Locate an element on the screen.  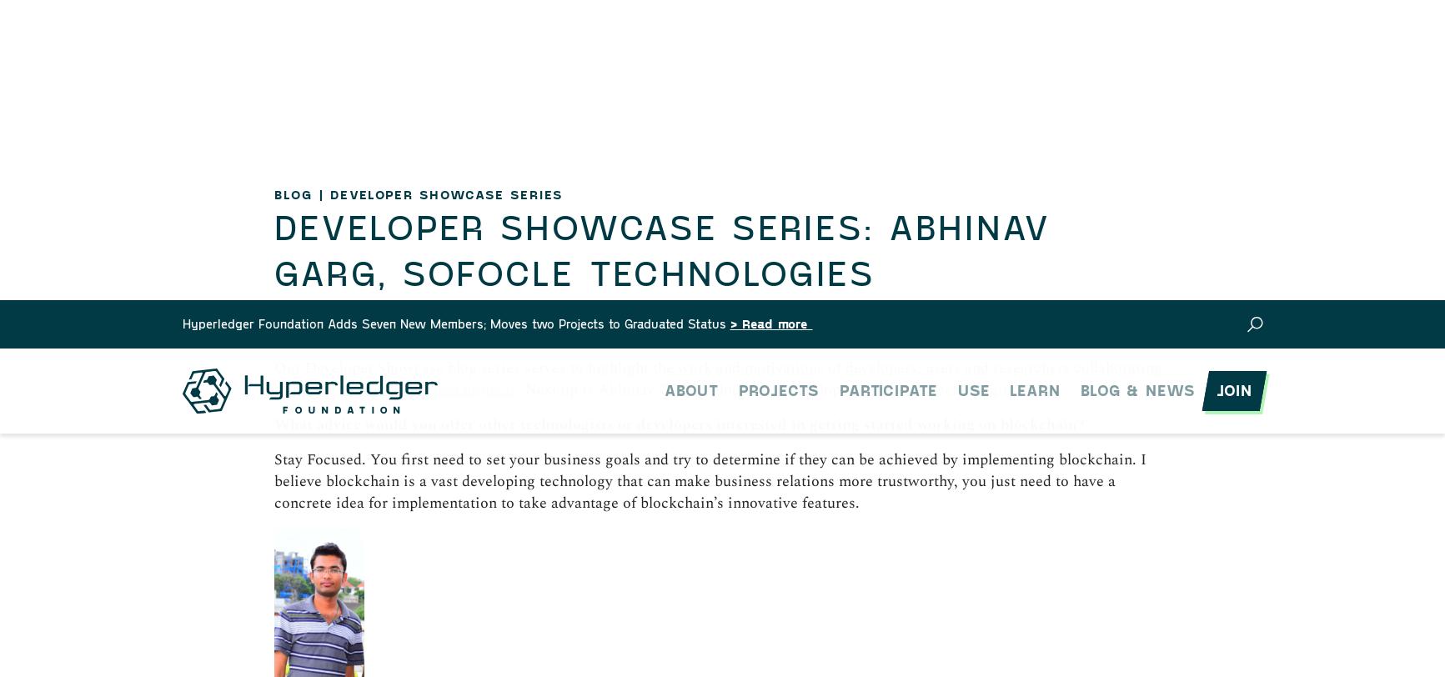
'We at Sofocle, are a blockchain technology based company, focused on building innovative products using blockchain and smart contracts. We design and develop blockchain powered enterprise solutions in banking, finance, and other industries. We have our own products based on blockchain. My first blockchain experience was with Hyperledger when it was in its initial development stage. The thought of permissioned blockchain in respect to transaction trust was a bit of fun. It’s easy to think of benefits related to the financial services industry and how permissioned ledgers in particular could be utilized.' is located at coordinates (716, 555).